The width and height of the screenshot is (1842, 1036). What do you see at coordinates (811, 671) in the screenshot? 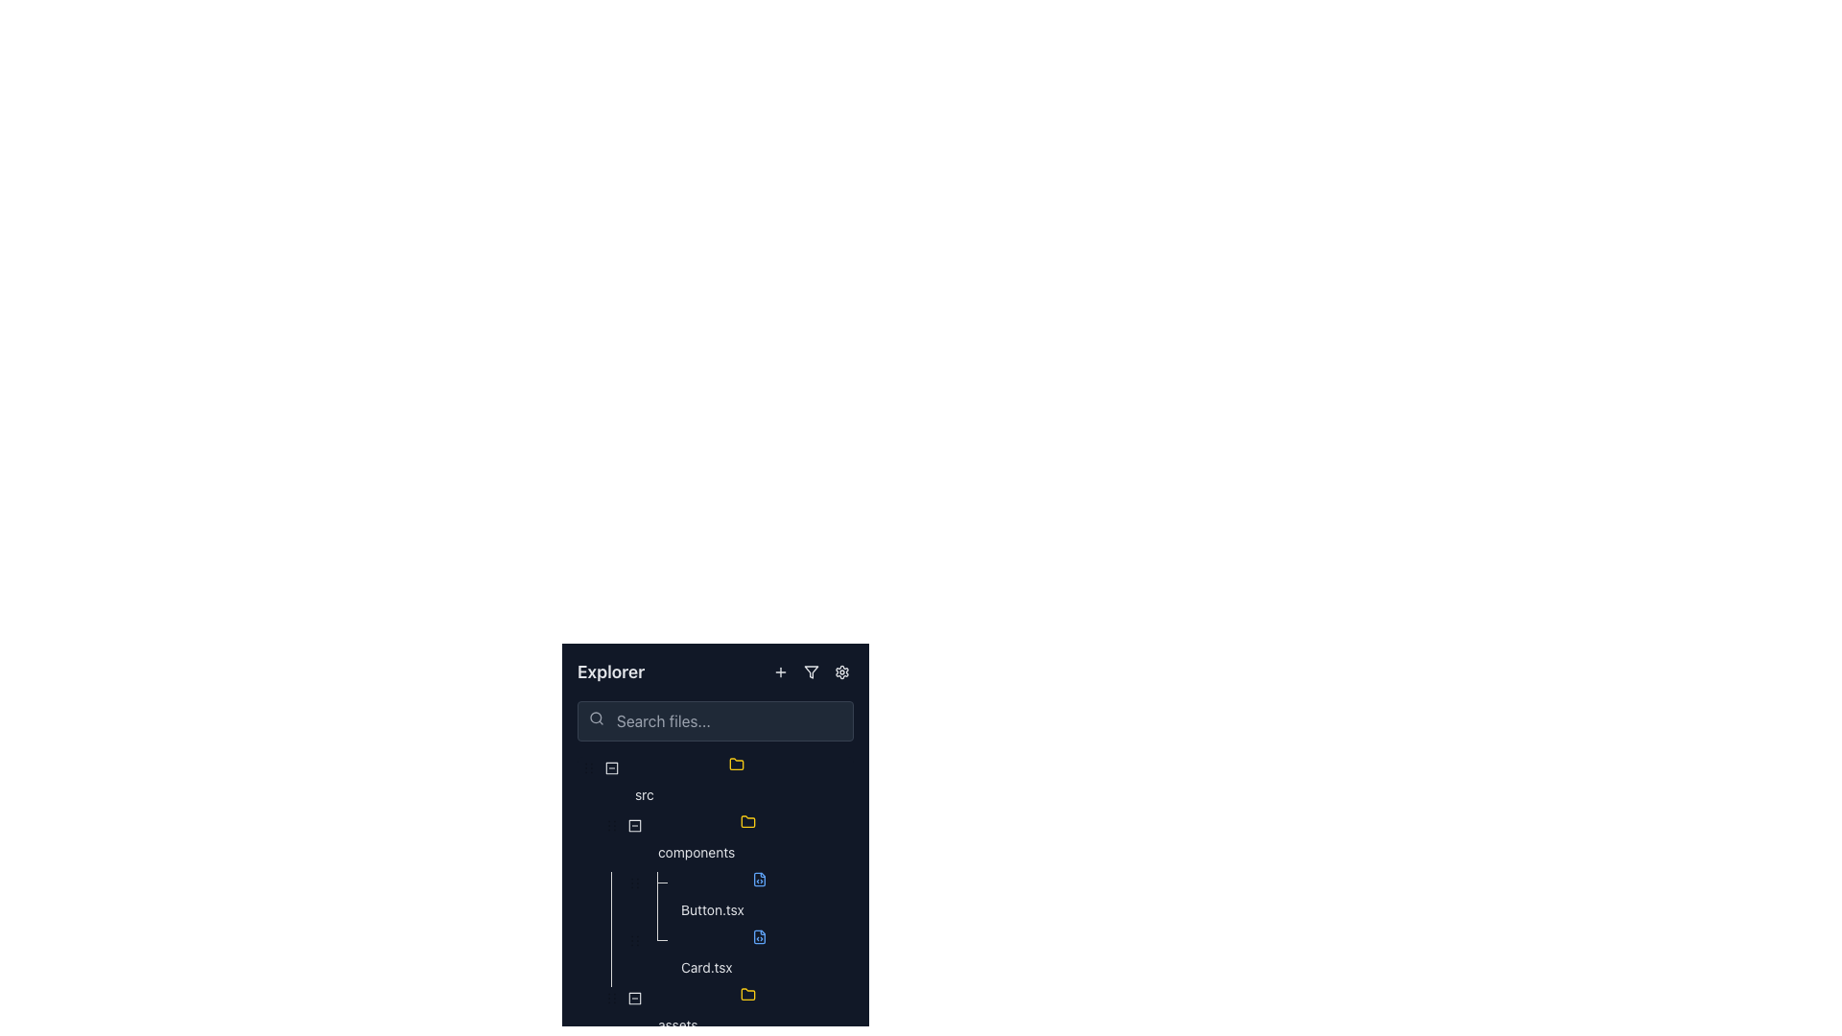
I see `the middle icon with a filter symbol in the header section labeled 'Explorer'` at bounding box center [811, 671].